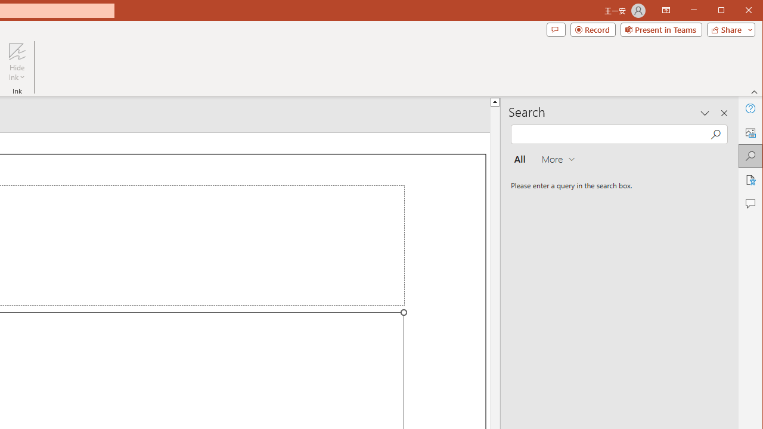 The width and height of the screenshot is (763, 429). What do you see at coordinates (724, 113) in the screenshot?
I see `'Close pane'` at bounding box center [724, 113].